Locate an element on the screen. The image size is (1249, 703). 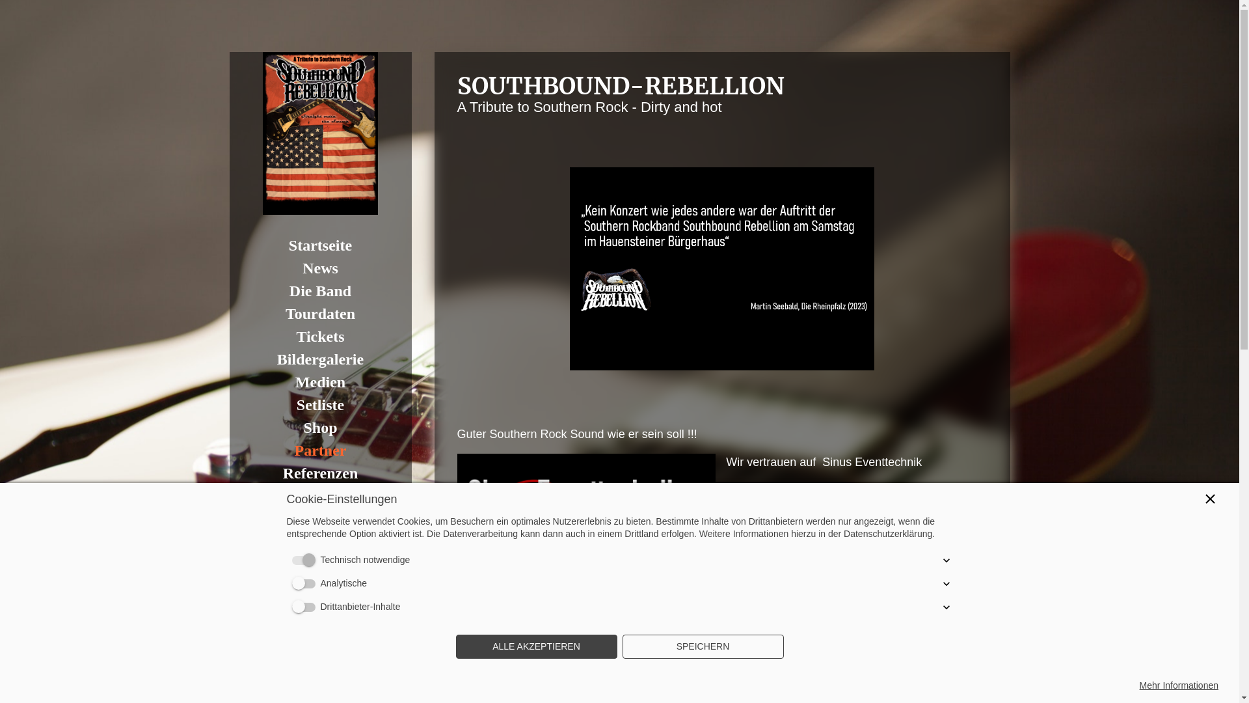
'ALLE AKZEPTIEREN' is located at coordinates (536, 647).